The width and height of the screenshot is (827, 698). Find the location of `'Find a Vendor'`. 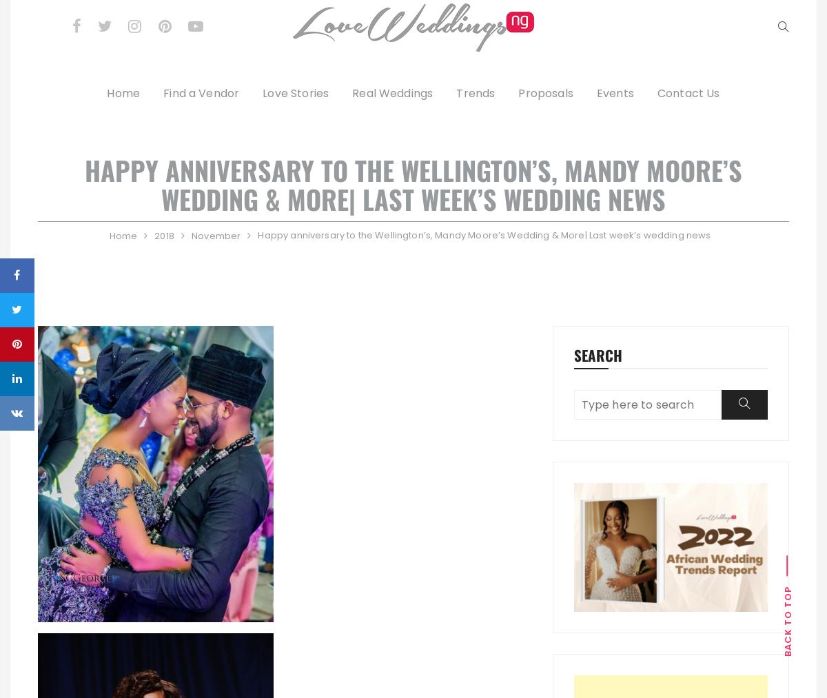

'Find a Vendor' is located at coordinates (200, 93).